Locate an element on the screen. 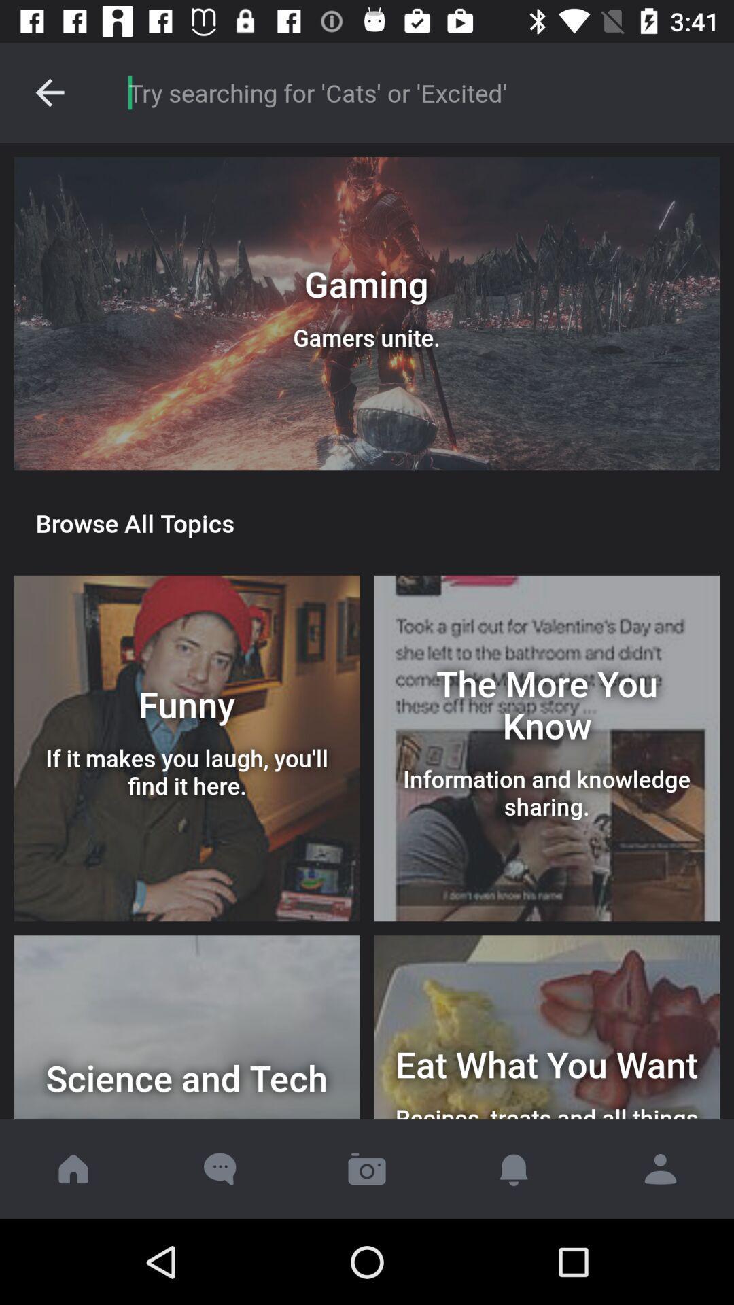  the item below the science and tech item is located at coordinates (367, 1168).